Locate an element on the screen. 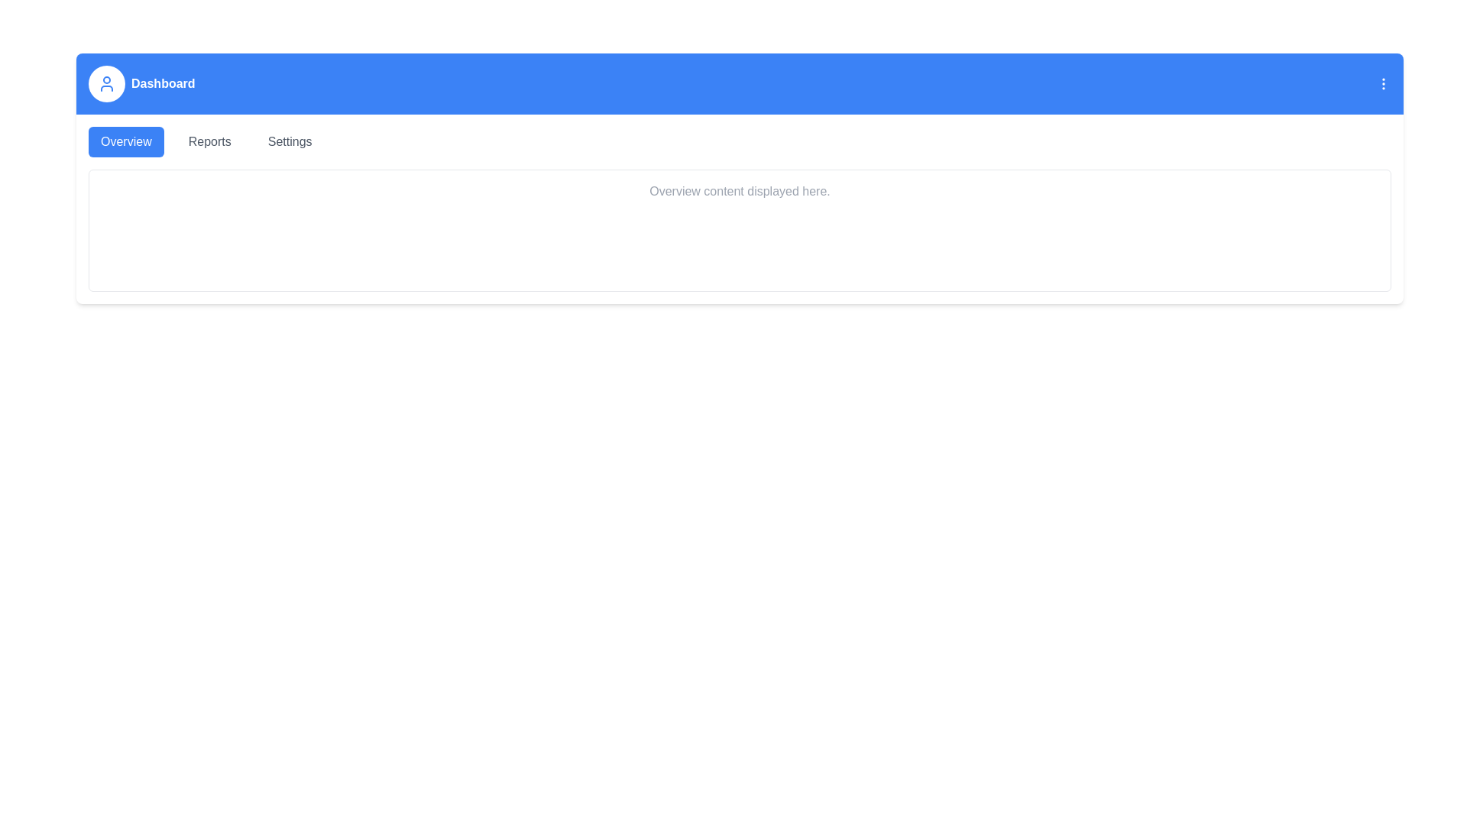 The height and width of the screenshot is (825, 1467). the first button in the horizontal navigation bar that navigates to the 'Overview' section to visualize interactivity is located at coordinates (126, 141).